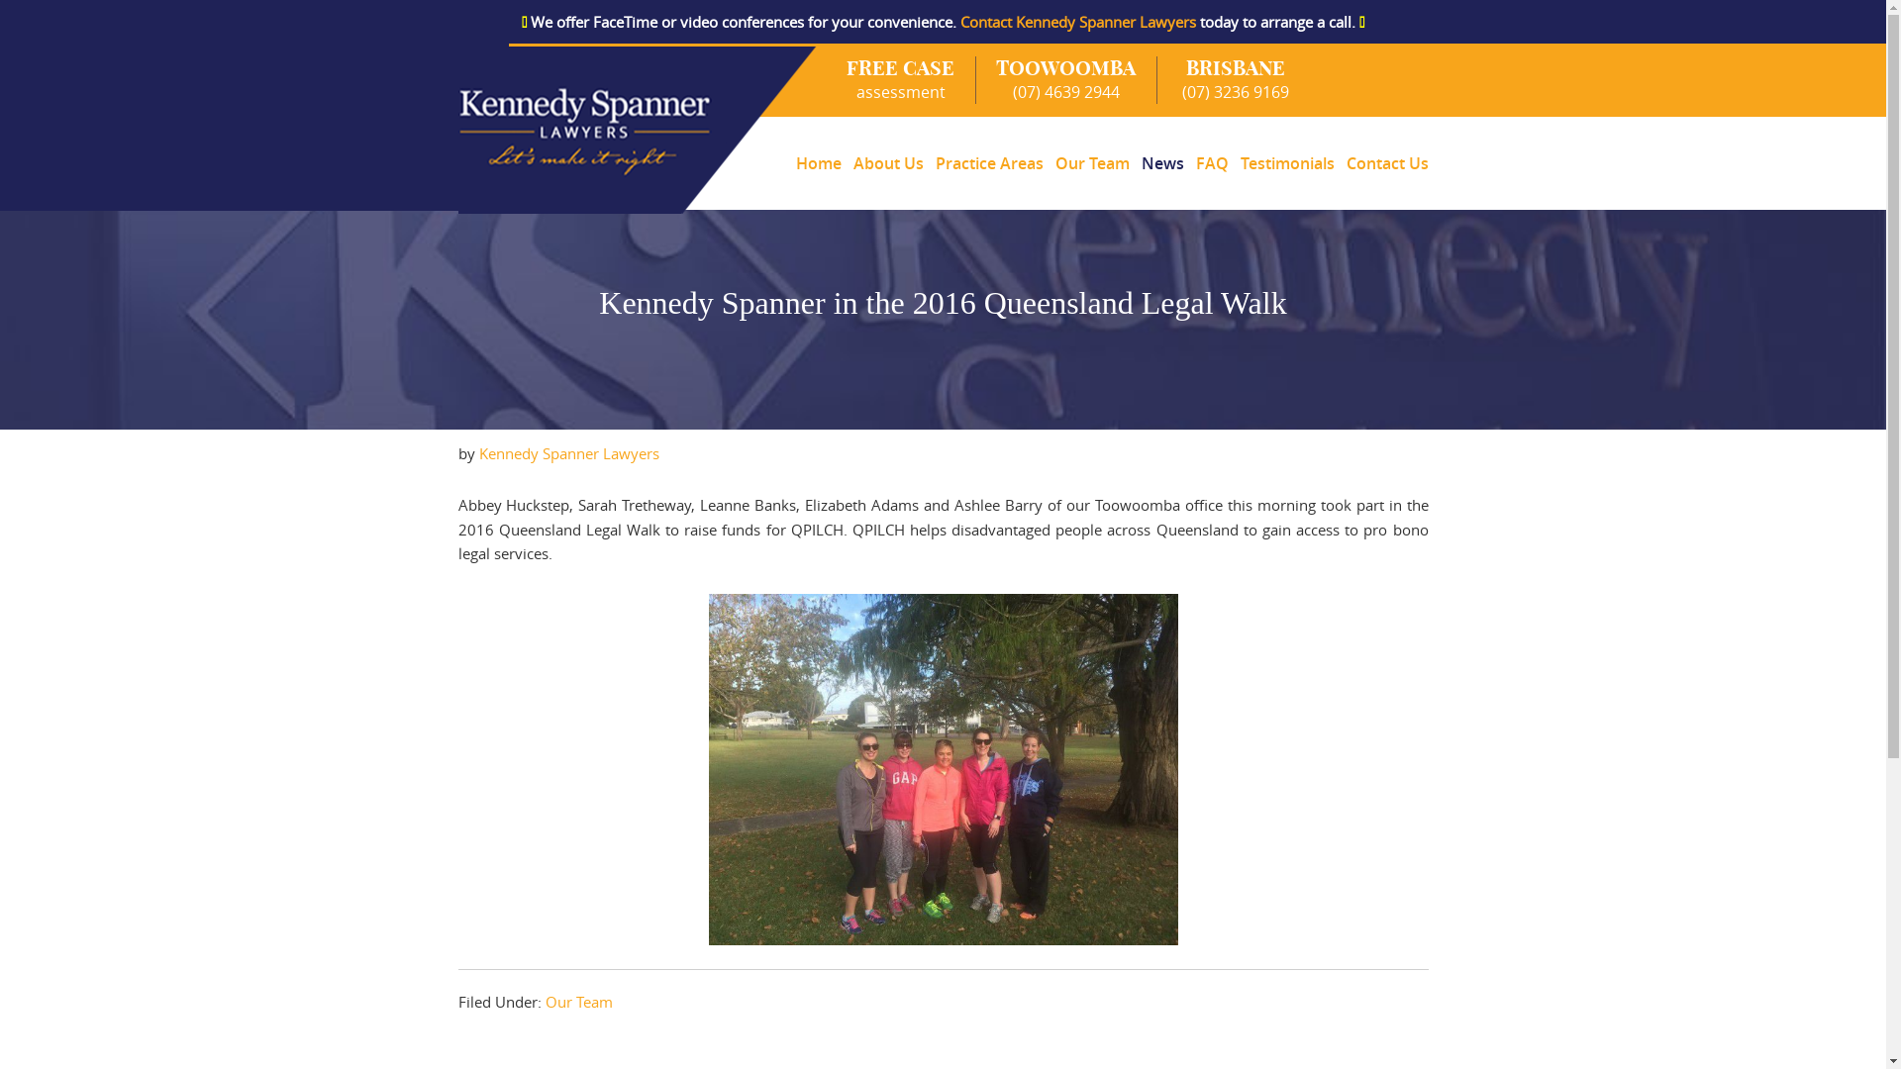  Describe the element at coordinates (577, 1001) in the screenshot. I see `'Our Team'` at that location.